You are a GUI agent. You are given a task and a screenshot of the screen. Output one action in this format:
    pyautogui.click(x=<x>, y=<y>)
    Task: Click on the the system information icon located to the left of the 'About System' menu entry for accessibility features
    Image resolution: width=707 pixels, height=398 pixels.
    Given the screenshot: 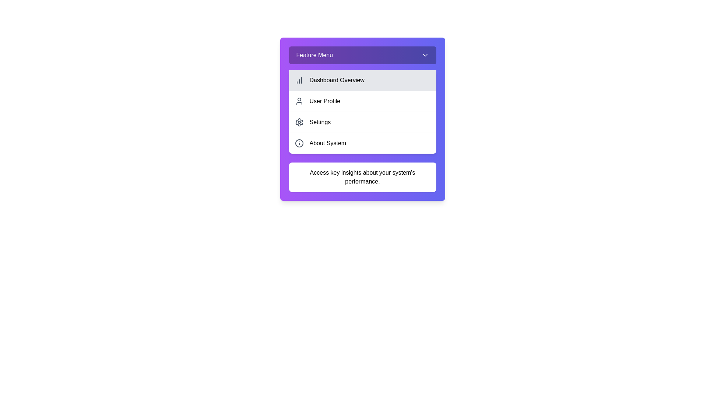 What is the action you would take?
    pyautogui.click(x=299, y=143)
    